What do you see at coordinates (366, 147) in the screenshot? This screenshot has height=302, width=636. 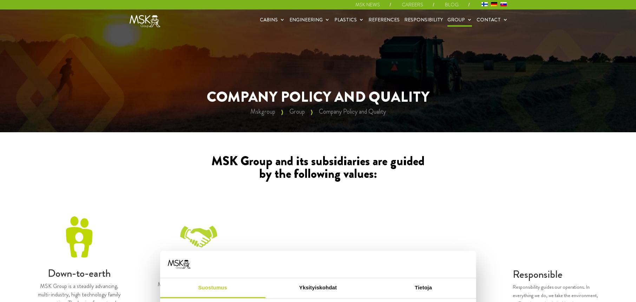 I see `'Quick models'` at bounding box center [366, 147].